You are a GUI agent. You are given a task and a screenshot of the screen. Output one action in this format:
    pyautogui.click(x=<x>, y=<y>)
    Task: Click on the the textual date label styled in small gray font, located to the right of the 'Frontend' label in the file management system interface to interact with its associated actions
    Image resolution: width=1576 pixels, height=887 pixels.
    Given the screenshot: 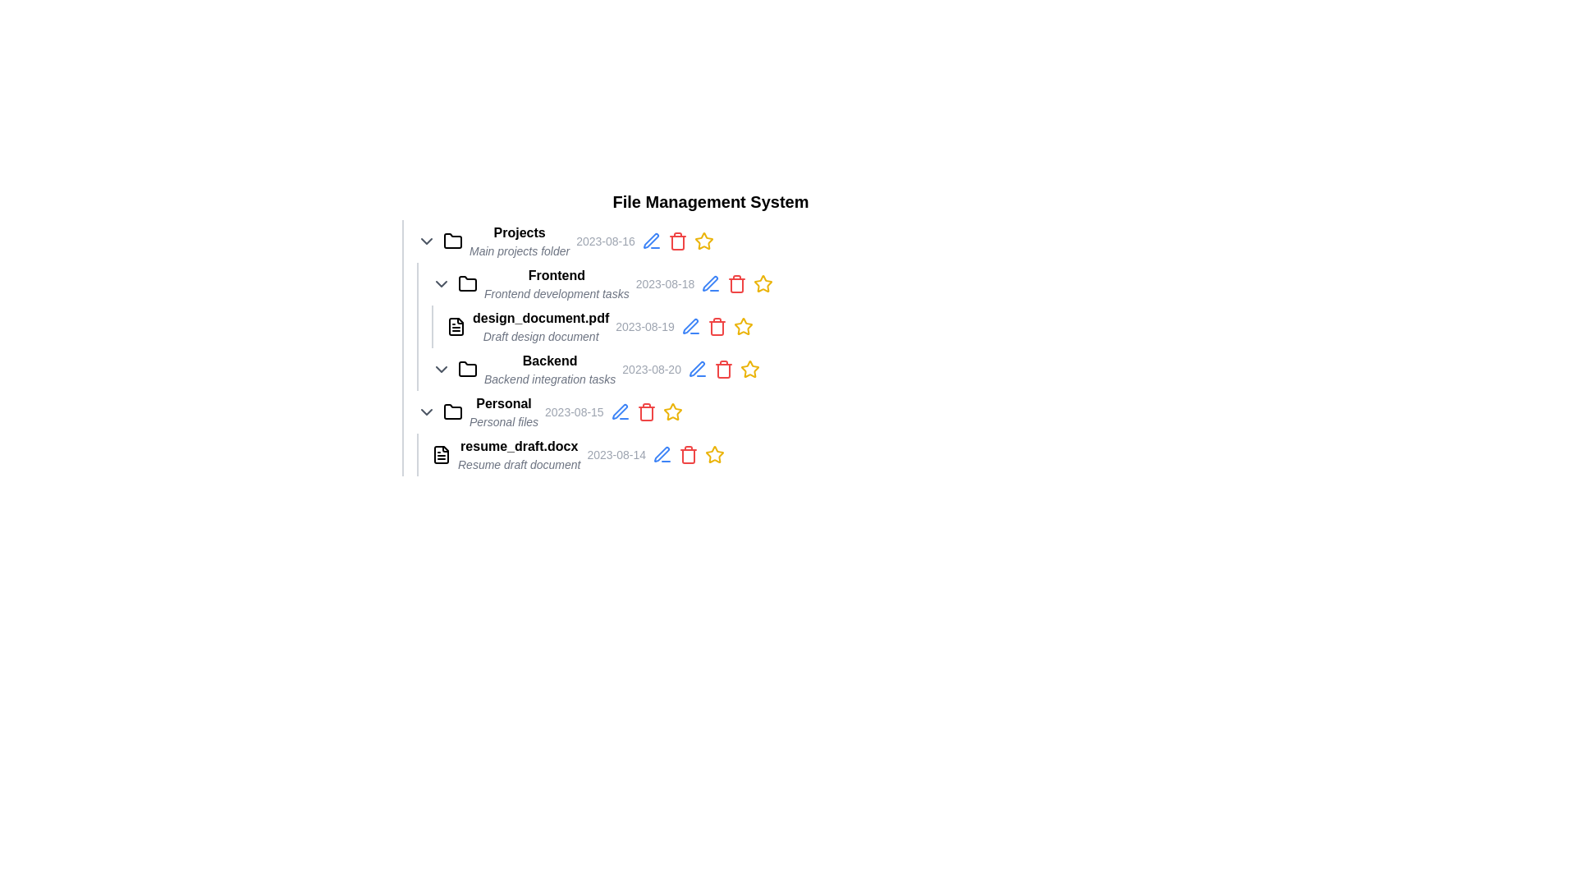 What is the action you would take?
    pyautogui.click(x=665, y=283)
    